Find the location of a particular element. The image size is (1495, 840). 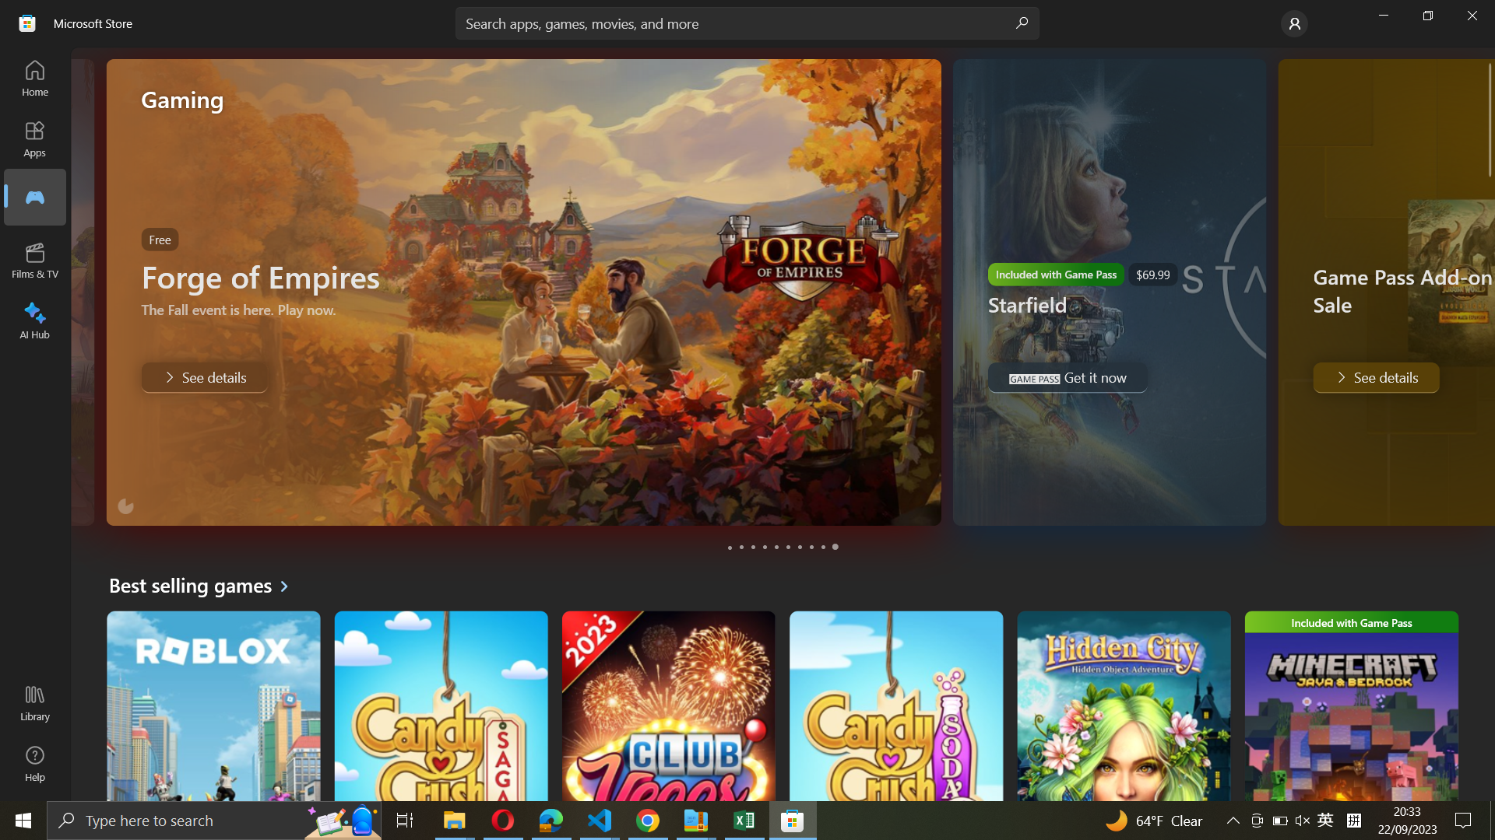

the Library screen is located at coordinates (37, 705).